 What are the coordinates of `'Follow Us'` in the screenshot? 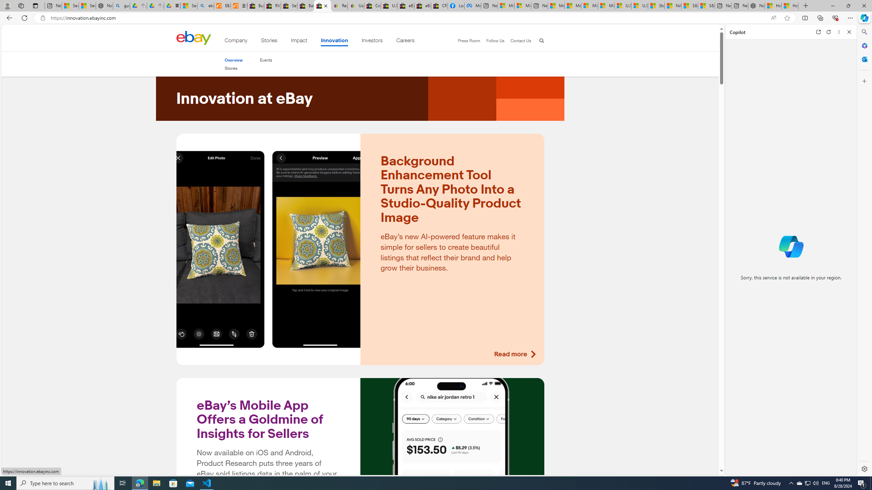 It's located at (492, 40).